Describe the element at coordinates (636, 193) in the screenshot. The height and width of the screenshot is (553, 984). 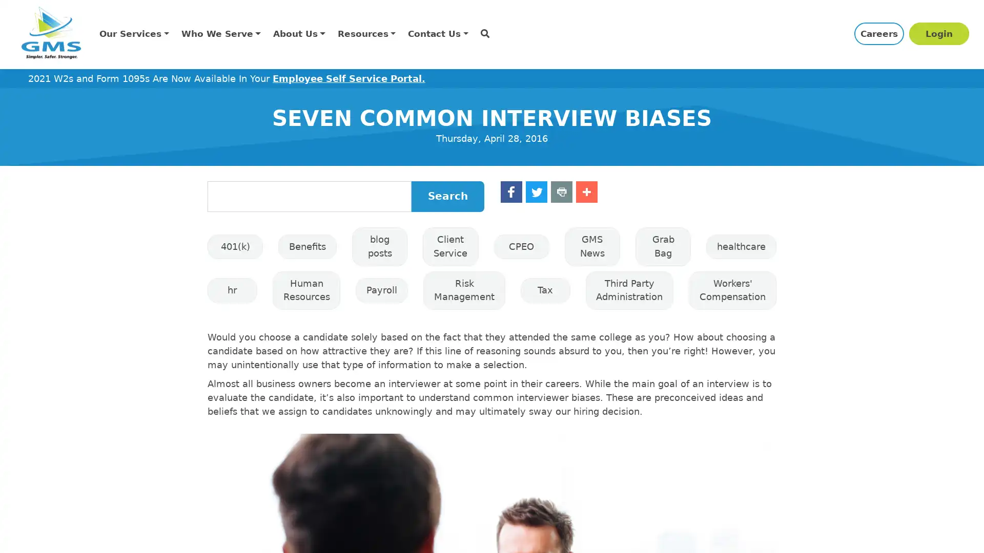
I see `Share to Print Print` at that location.